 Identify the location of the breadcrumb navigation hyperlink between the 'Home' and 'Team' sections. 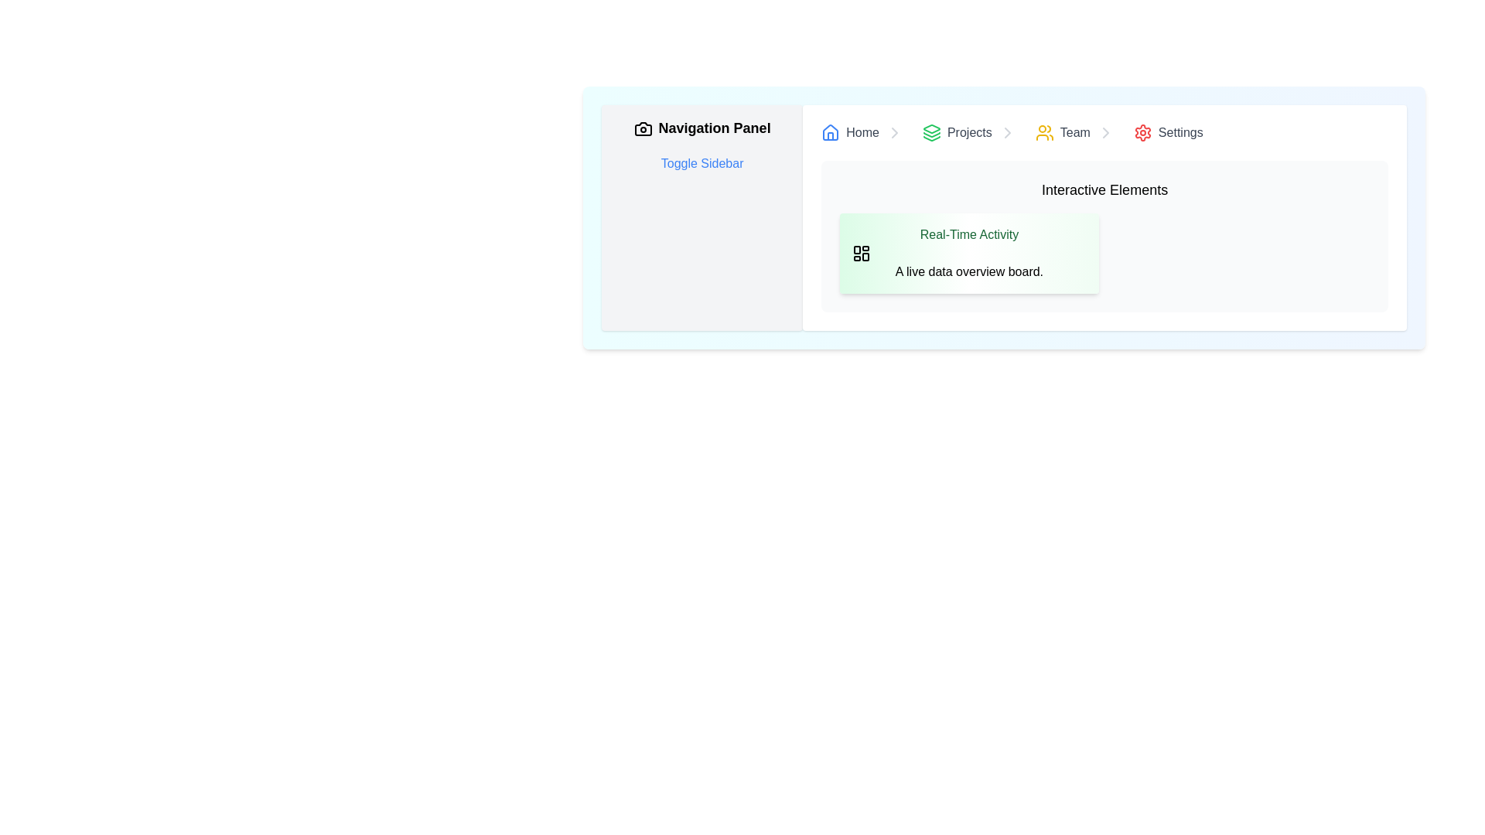
(971, 132).